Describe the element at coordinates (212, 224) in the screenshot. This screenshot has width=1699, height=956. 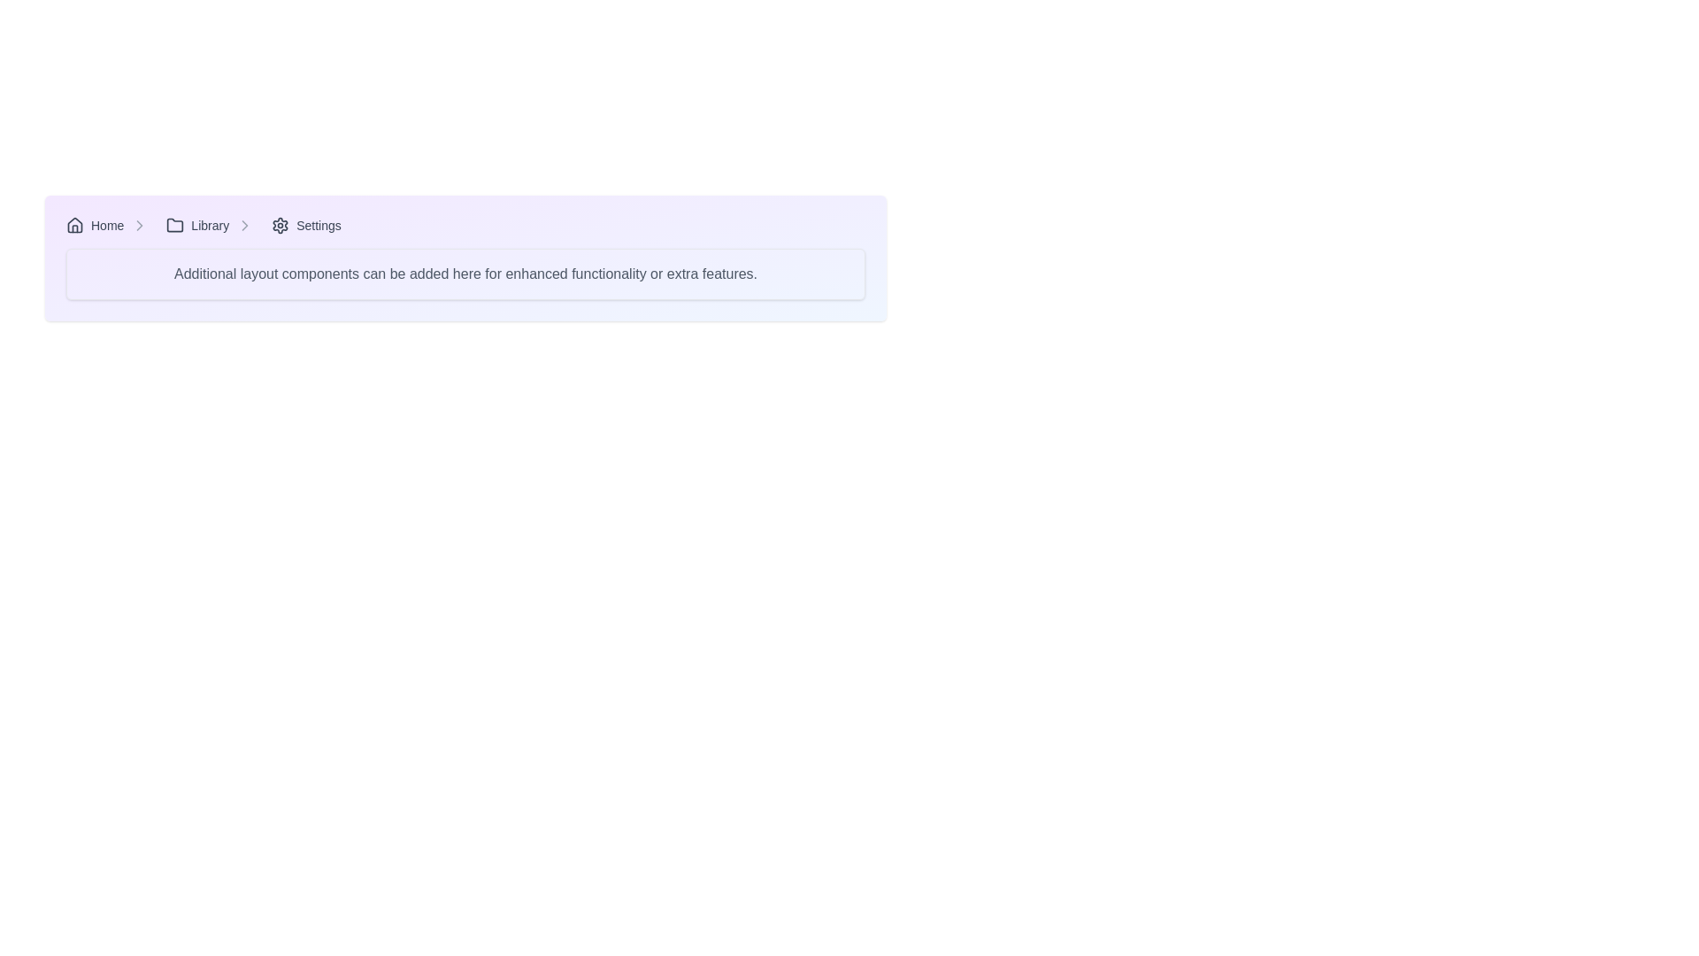
I see `the 'Library' breadcrumb navigation item, which is the second item in the breadcrumb bar` at that location.